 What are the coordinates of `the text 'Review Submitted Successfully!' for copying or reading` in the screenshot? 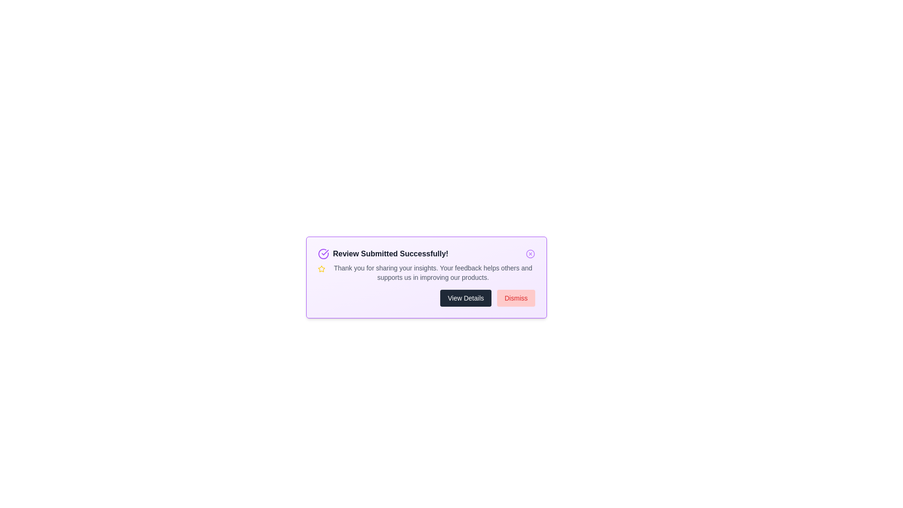 It's located at (318, 248).